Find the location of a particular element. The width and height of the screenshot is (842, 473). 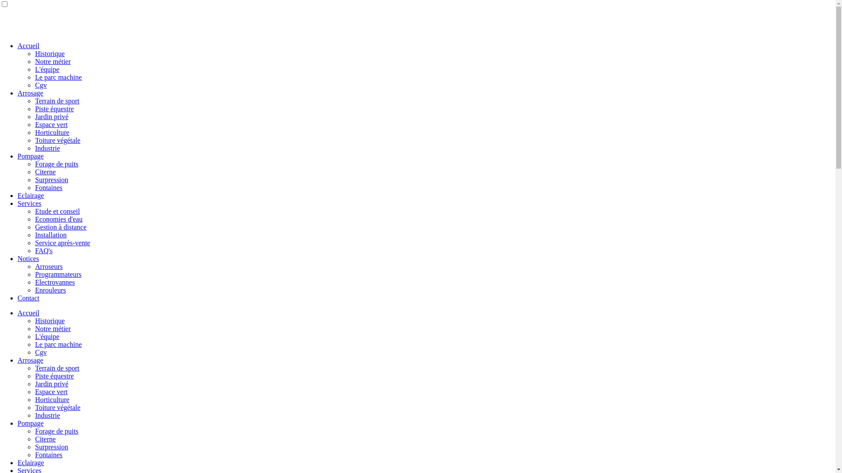

'Horticulture' is located at coordinates (52, 399).